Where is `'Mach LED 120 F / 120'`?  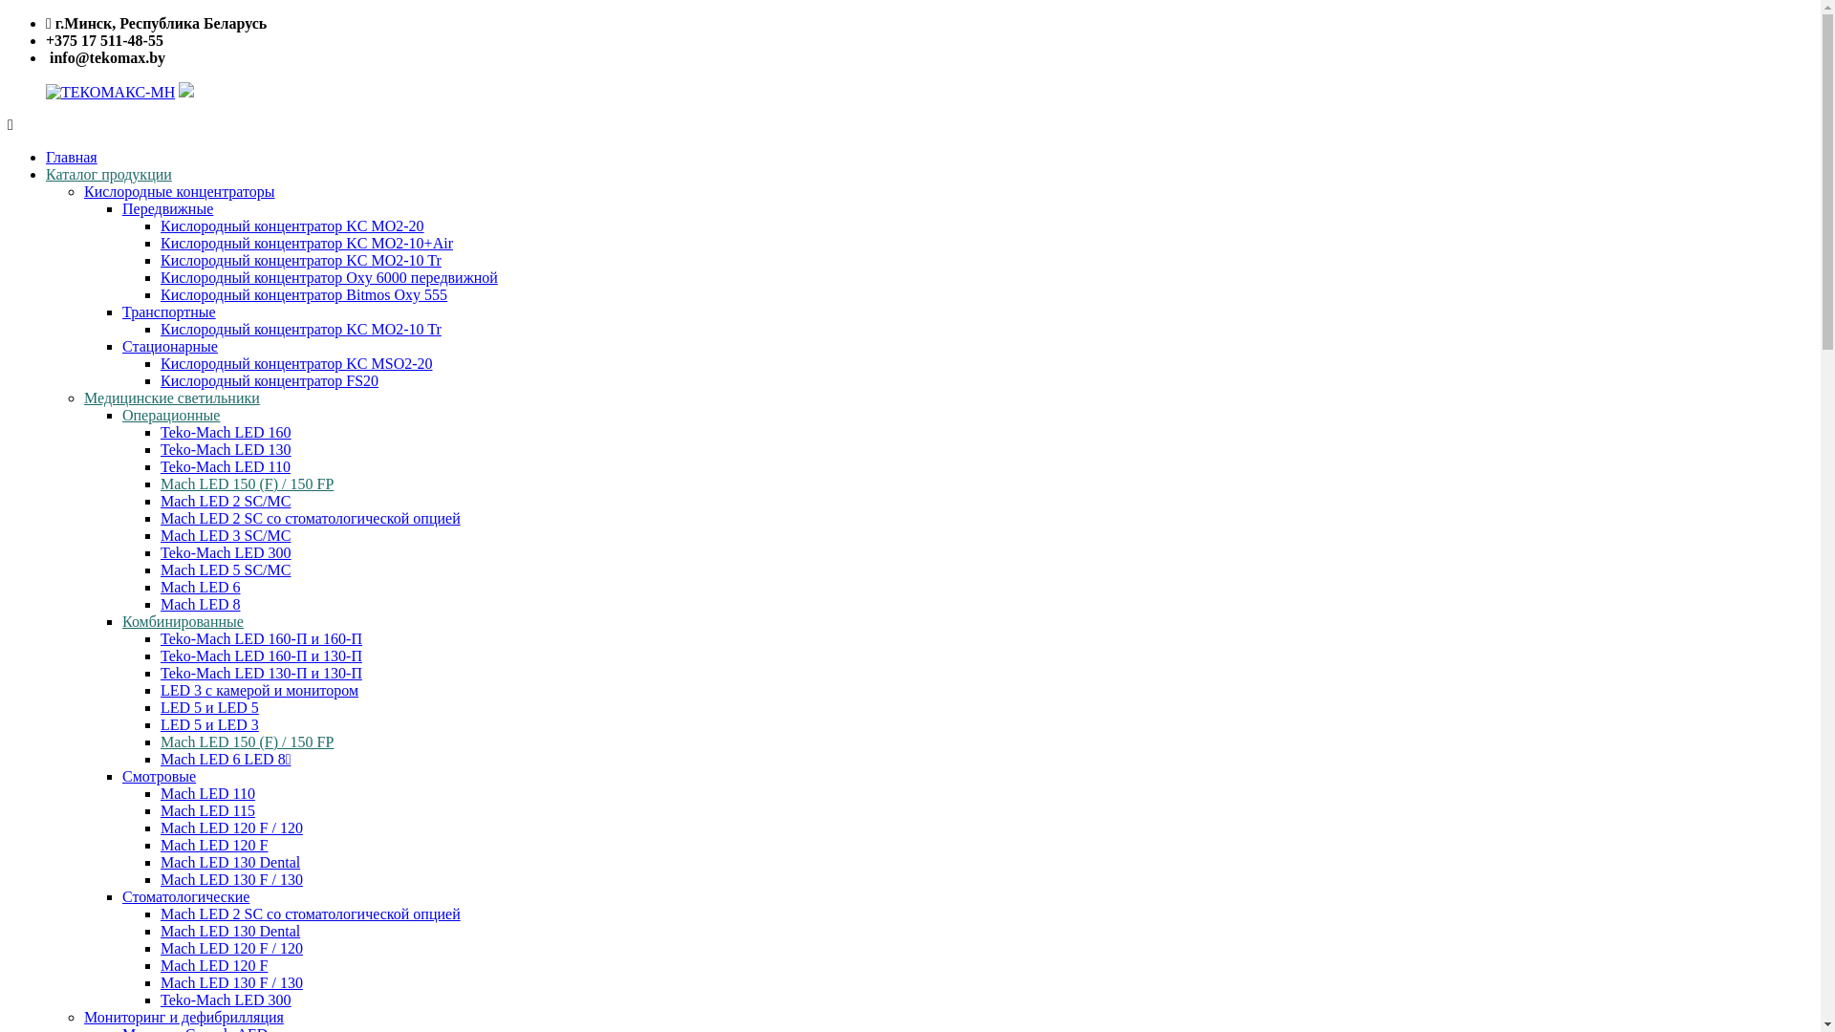 'Mach LED 120 F / 120' is located at coordinates (230, 948).